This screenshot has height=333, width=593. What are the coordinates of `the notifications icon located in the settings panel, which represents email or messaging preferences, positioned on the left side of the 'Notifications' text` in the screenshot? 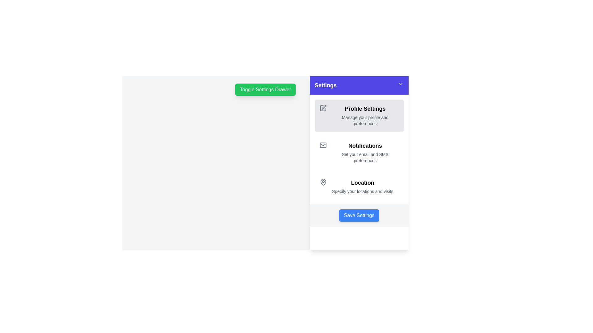 It's located at (323, 145).